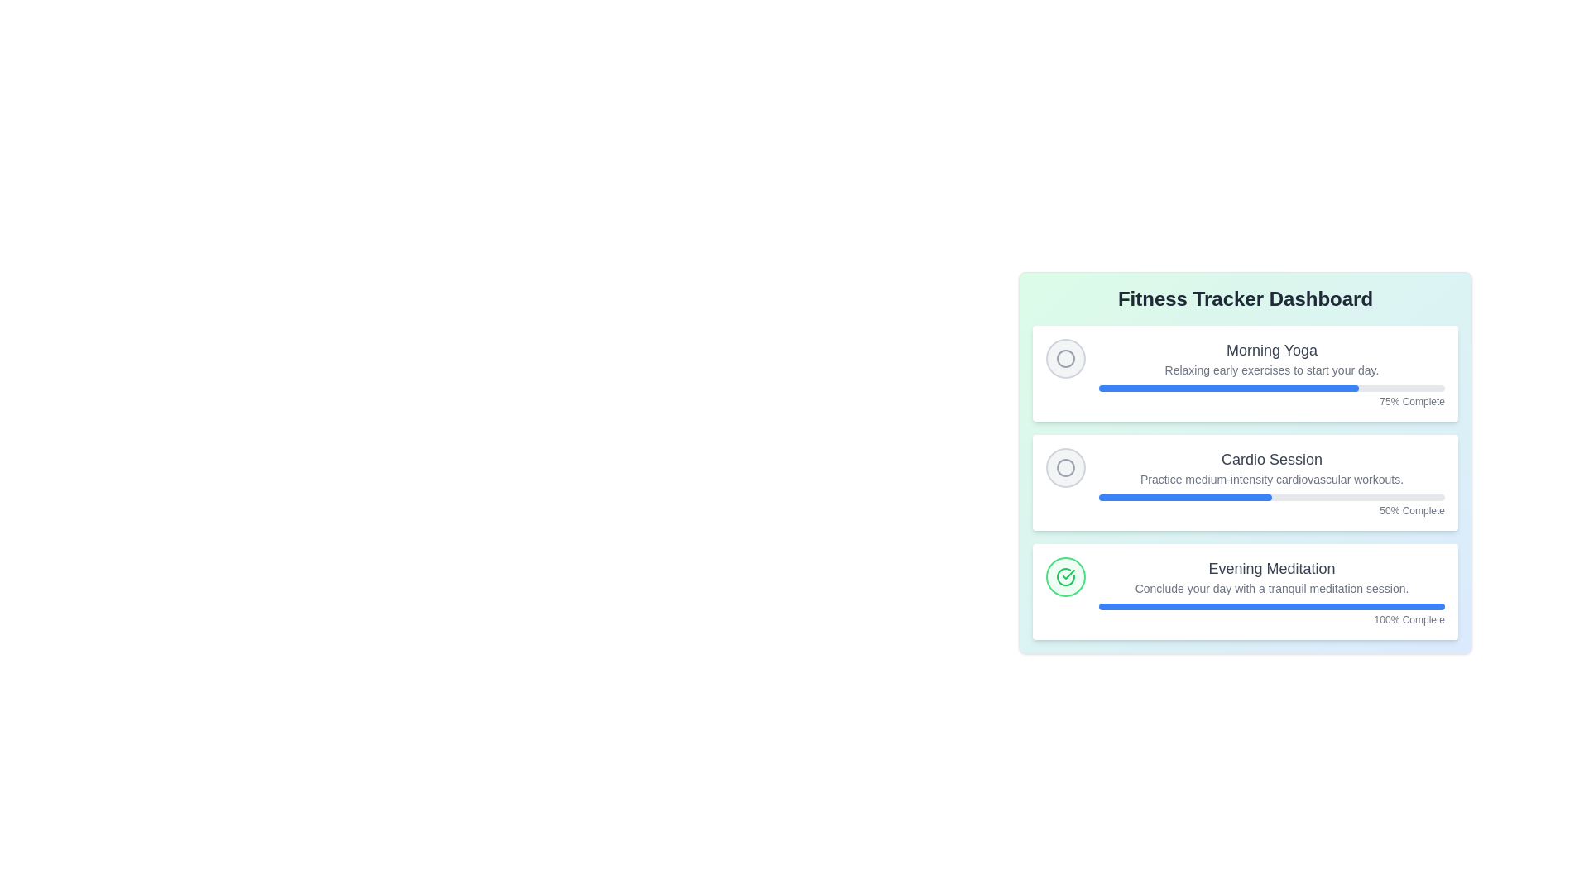  What do you see at coordinates (1270, 479) in the screenshot?
I see `the static text that provides descriptive information about the 'Cardio Session' activity, located beneath the 'Cardio Session' header and above the progress bar in the Fitness Tracker Dashboard` at bounding box center [1270, 479].